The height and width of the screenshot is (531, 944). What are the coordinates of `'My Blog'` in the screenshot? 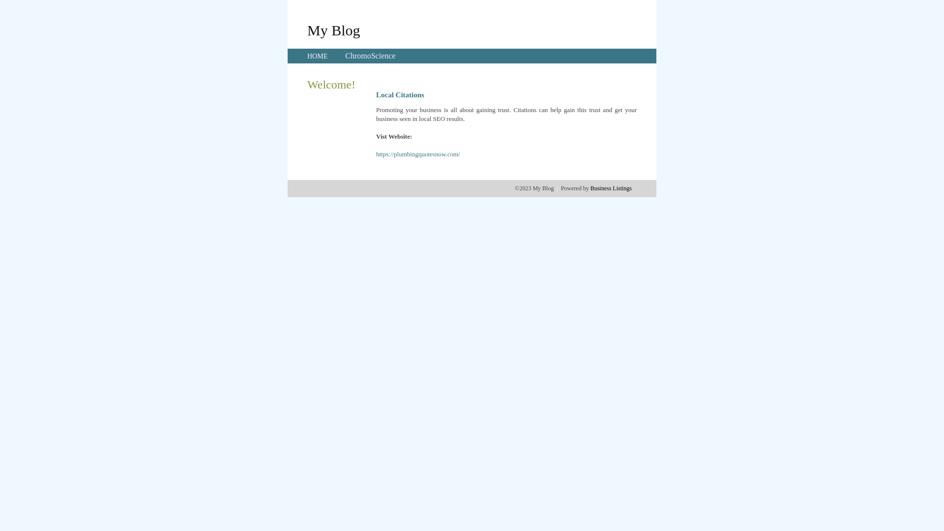 It's located at (333, 29).